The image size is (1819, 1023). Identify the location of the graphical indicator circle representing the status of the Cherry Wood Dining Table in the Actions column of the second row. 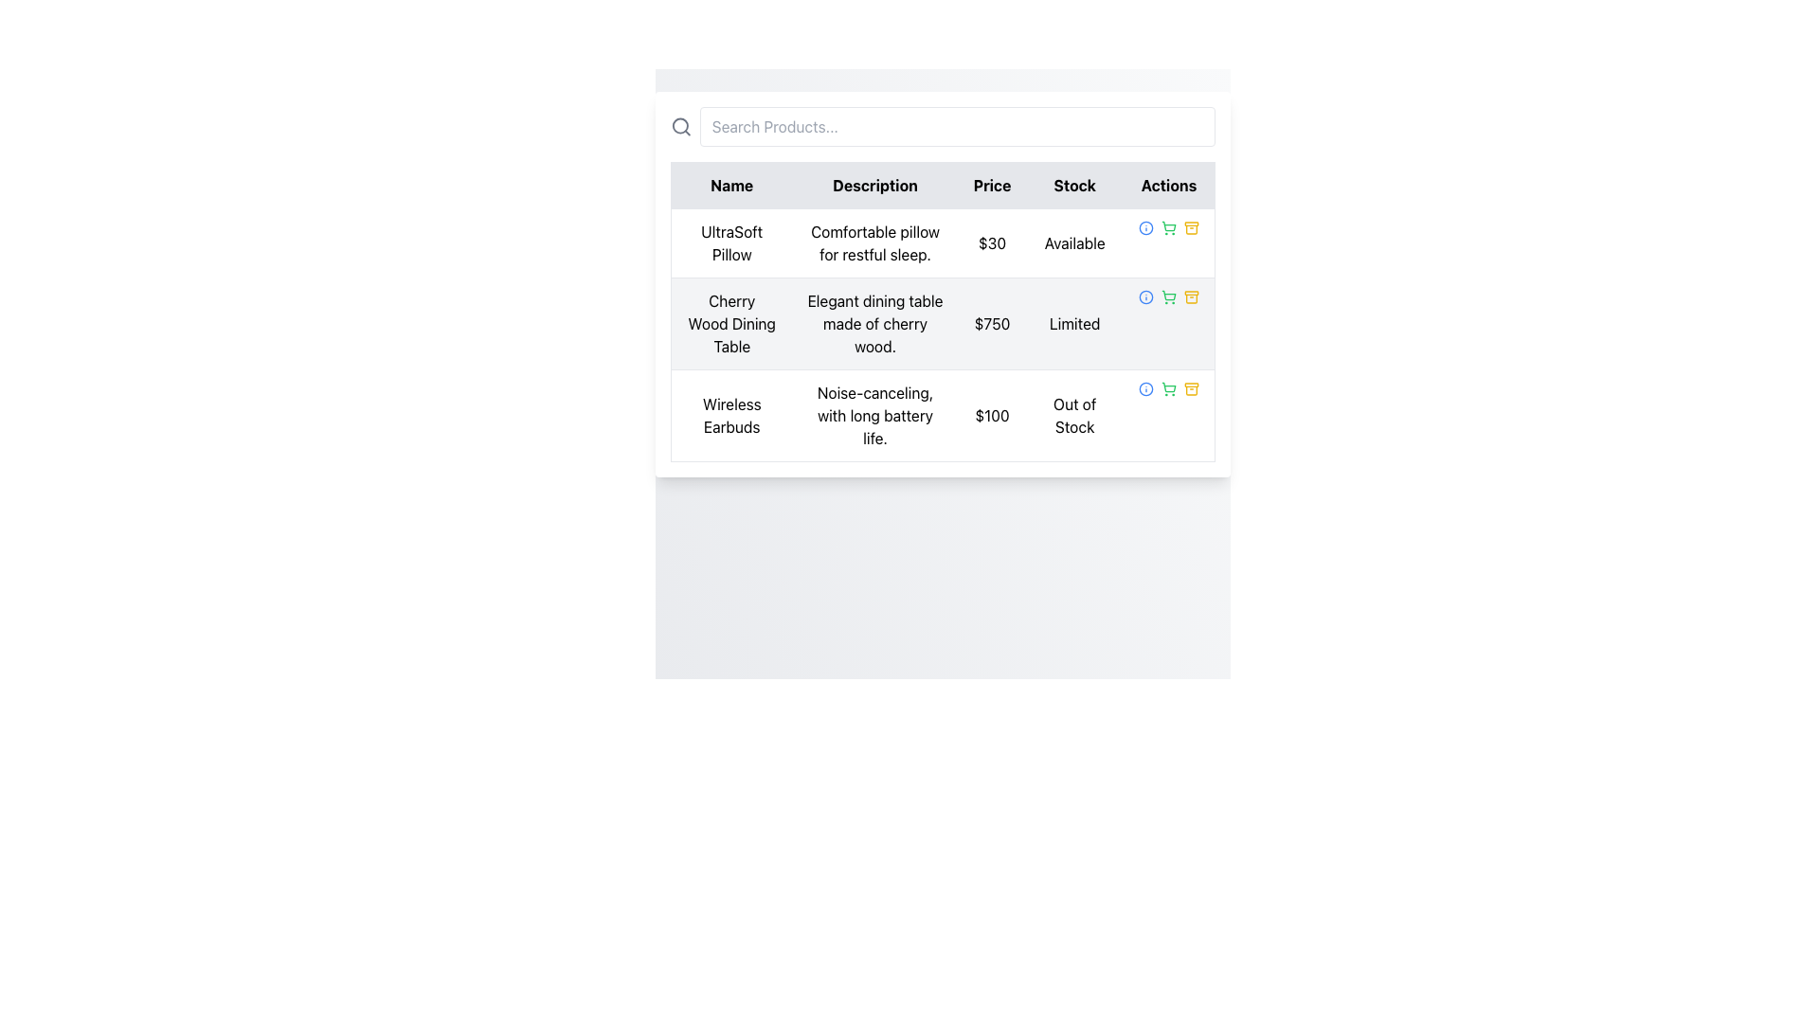
(1144, 226).